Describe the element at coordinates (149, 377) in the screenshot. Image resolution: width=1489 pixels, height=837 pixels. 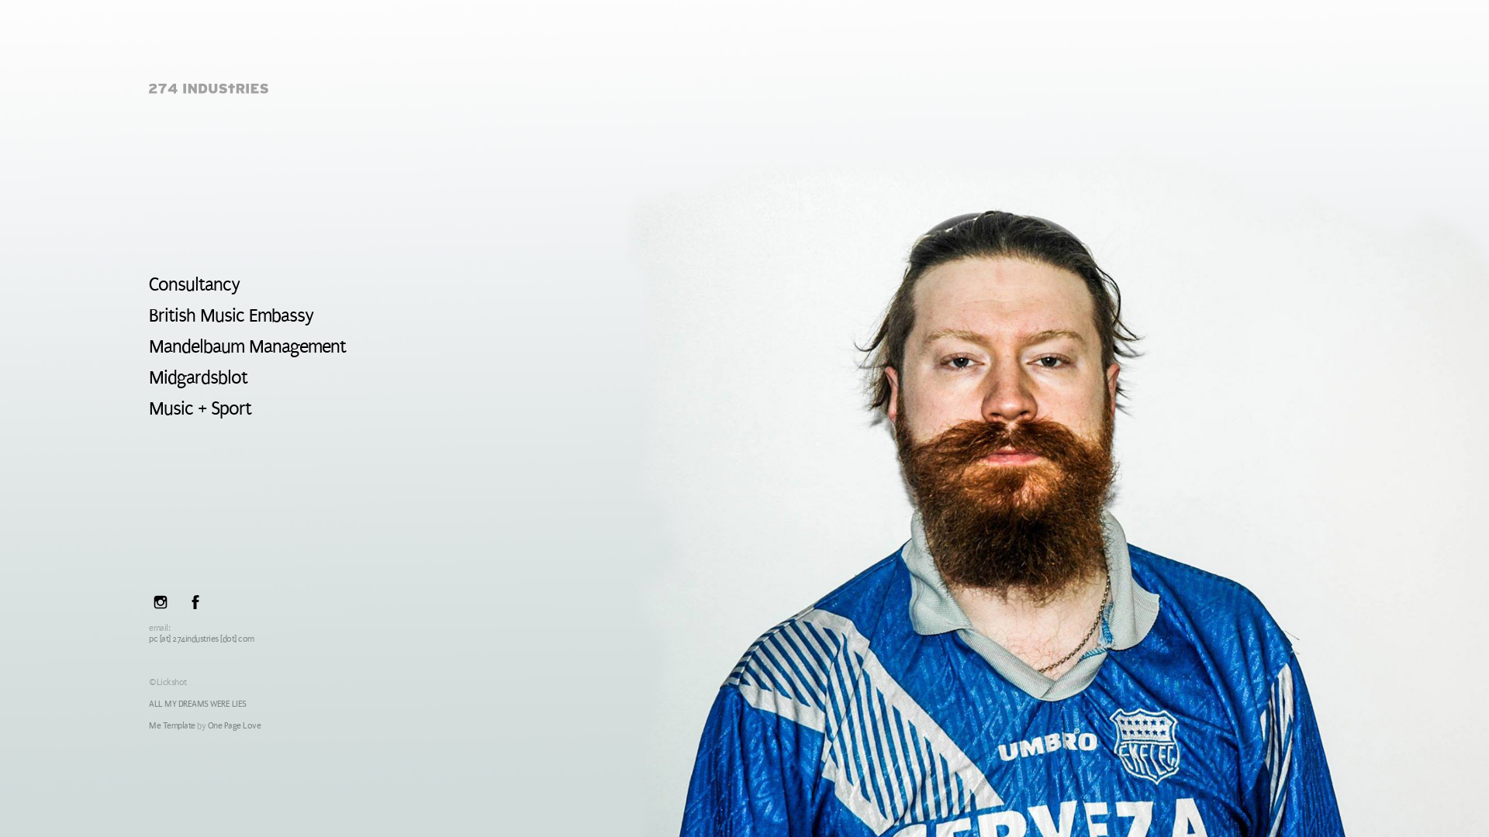
I see `'Midgardsblot'` at that location.